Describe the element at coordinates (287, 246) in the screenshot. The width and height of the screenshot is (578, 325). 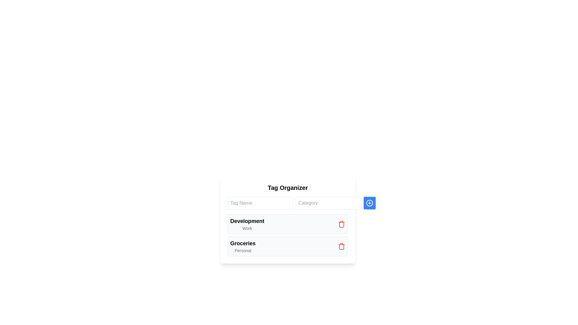
I see `labels of the categorized list item labeled 'Groceries' with the subcategory 'Personal', which is the second item in the vertical list` at that location.